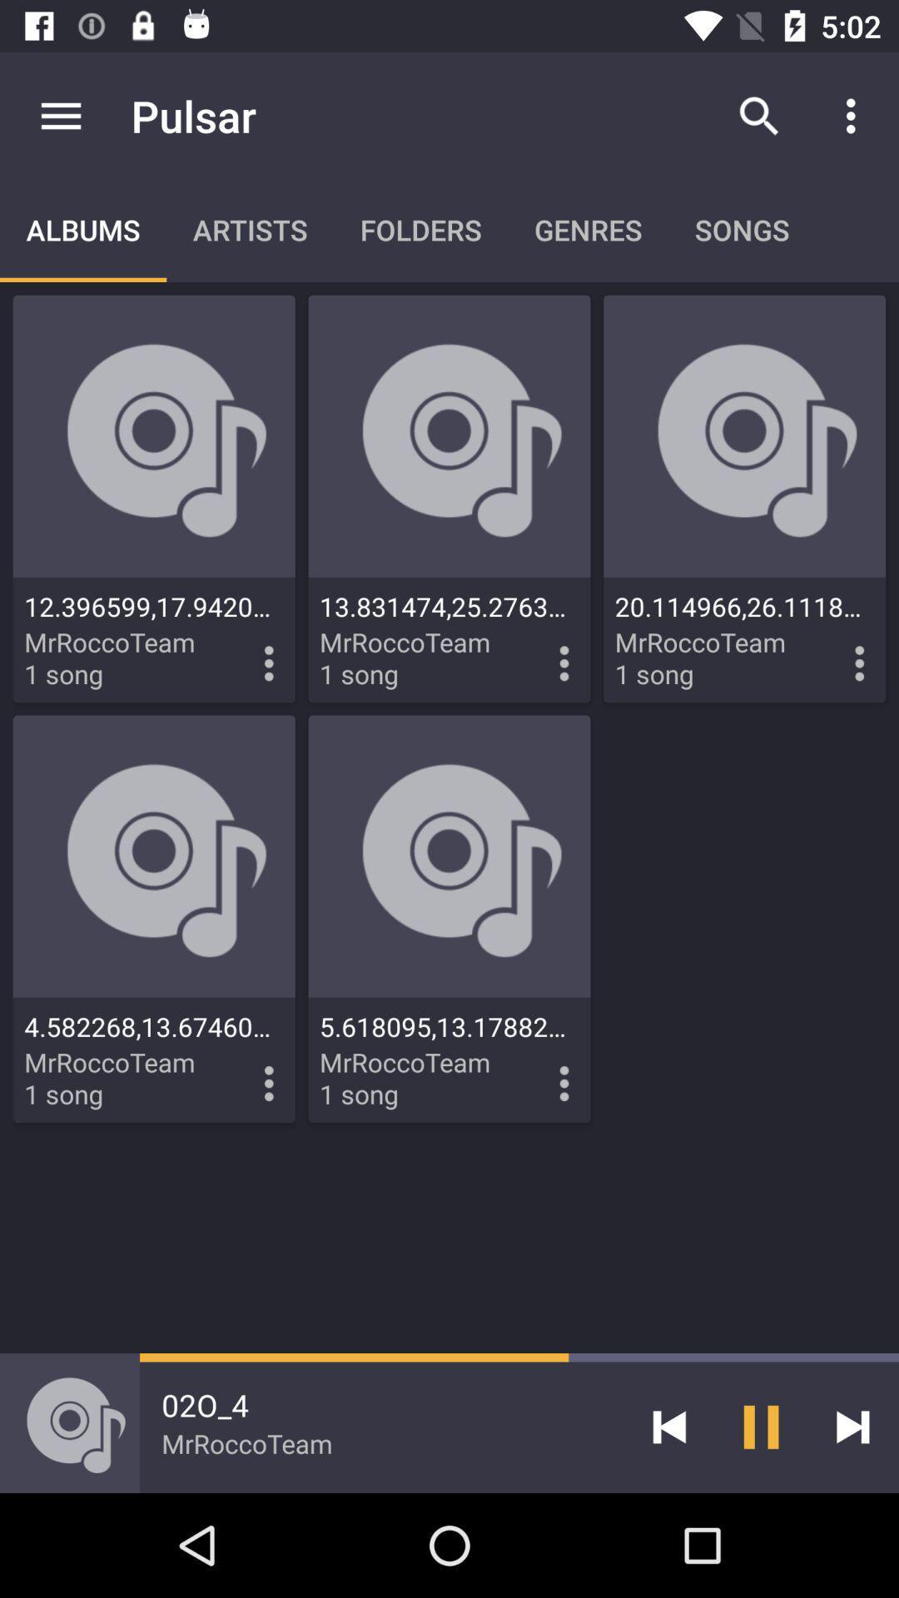 This screenshot has height=1598, width=899. What do you see at coordinates (761, 1426) in the screenshot?
I see `the pause icon` at bounding box center [761, 1426].